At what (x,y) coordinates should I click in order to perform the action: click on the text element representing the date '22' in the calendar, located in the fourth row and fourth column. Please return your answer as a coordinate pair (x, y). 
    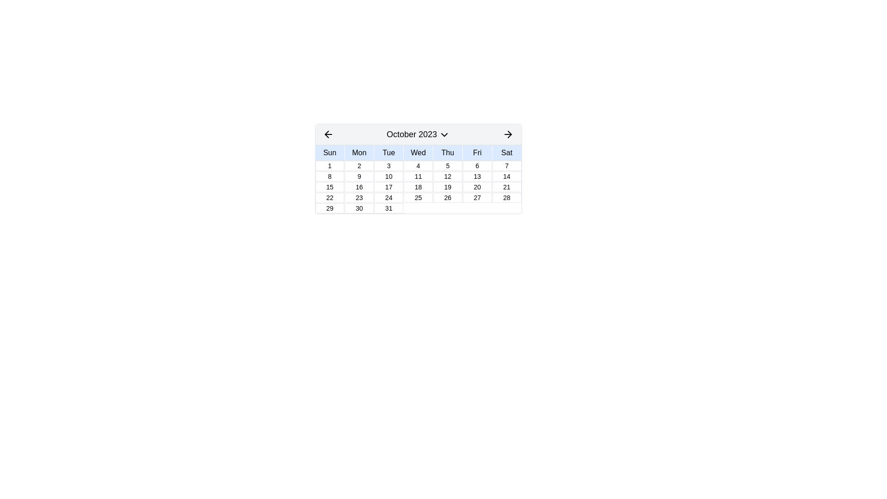
    Looking at the image, I should click on (329, 197).